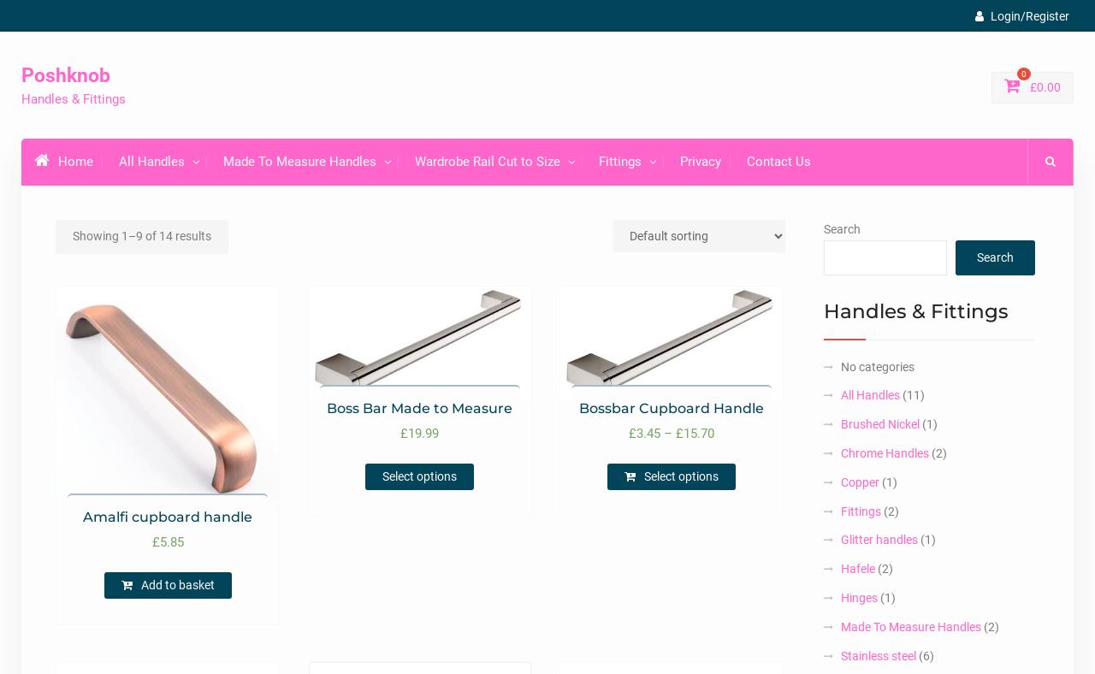  What do you see at coordinates (869, 394) in the screenshot?
I see `'All Handles'` at bounding box center [869, 394].